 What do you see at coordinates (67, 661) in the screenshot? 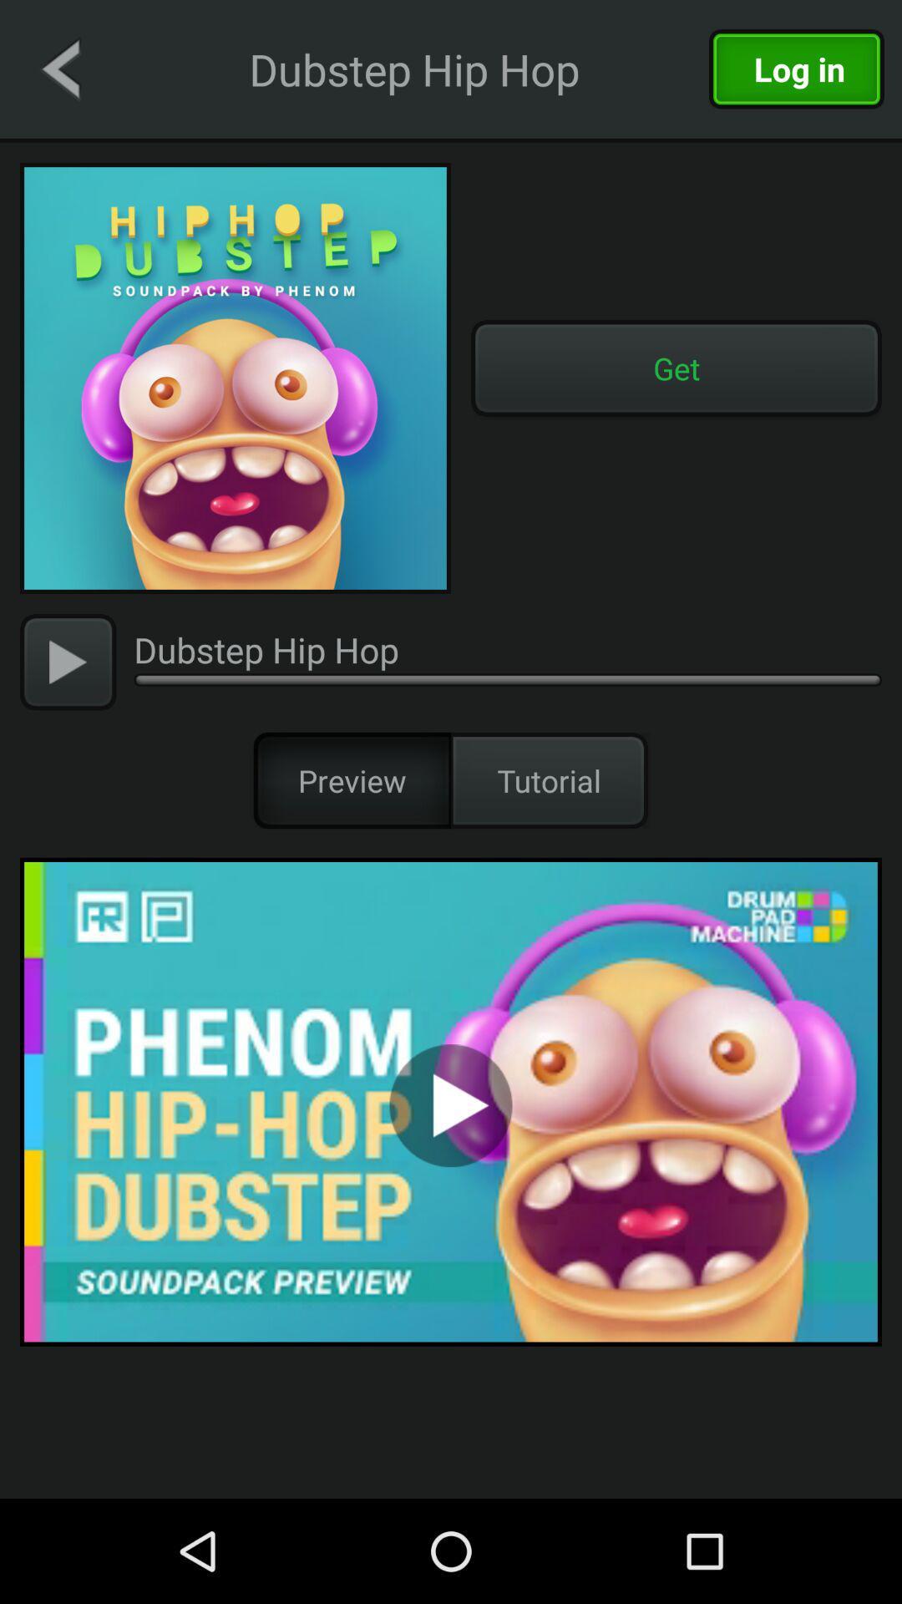
I see `the item on the left` at bounding box center [67, 661].